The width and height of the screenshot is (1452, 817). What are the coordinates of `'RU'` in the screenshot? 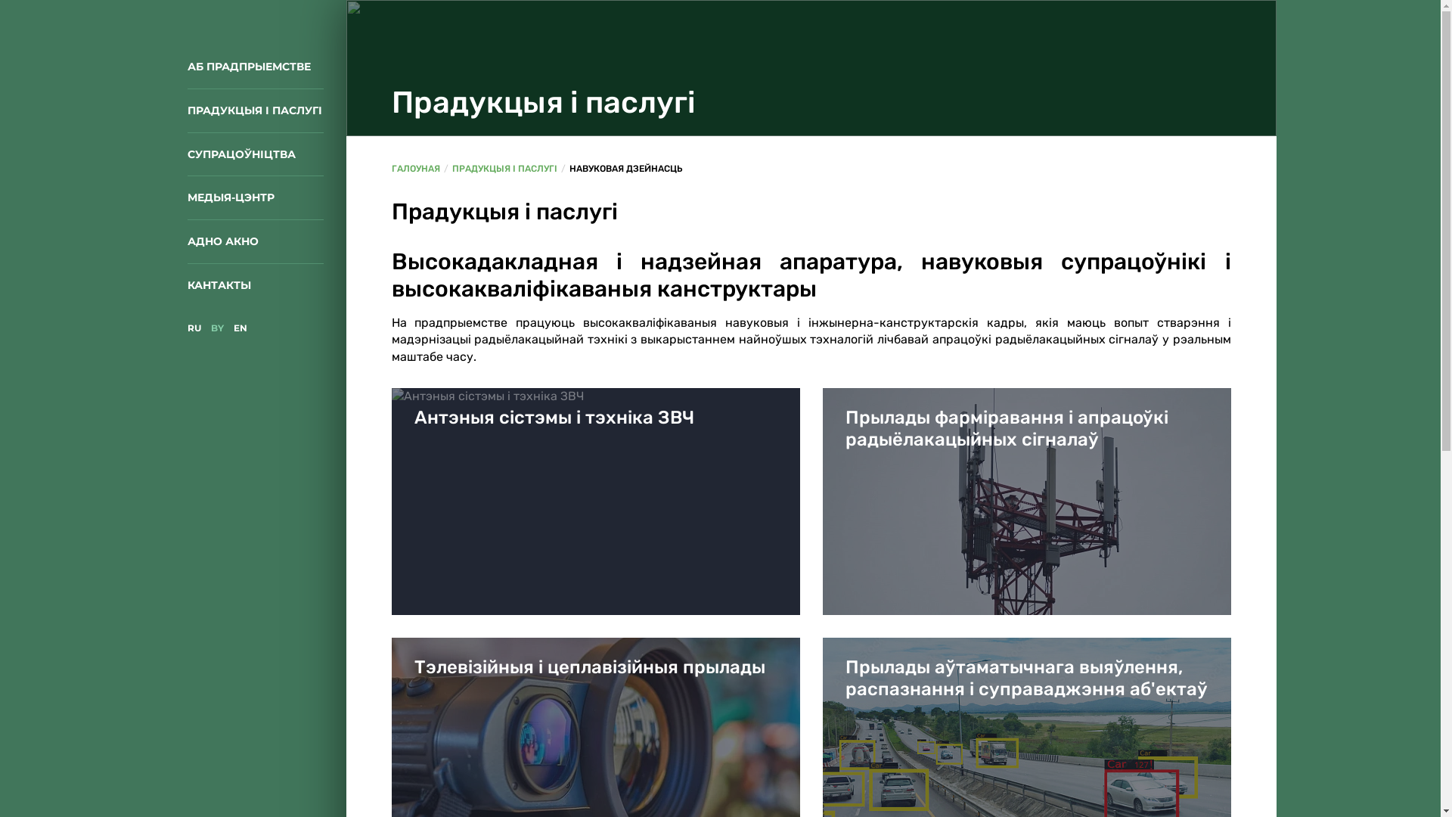 It's located at (187, 327).